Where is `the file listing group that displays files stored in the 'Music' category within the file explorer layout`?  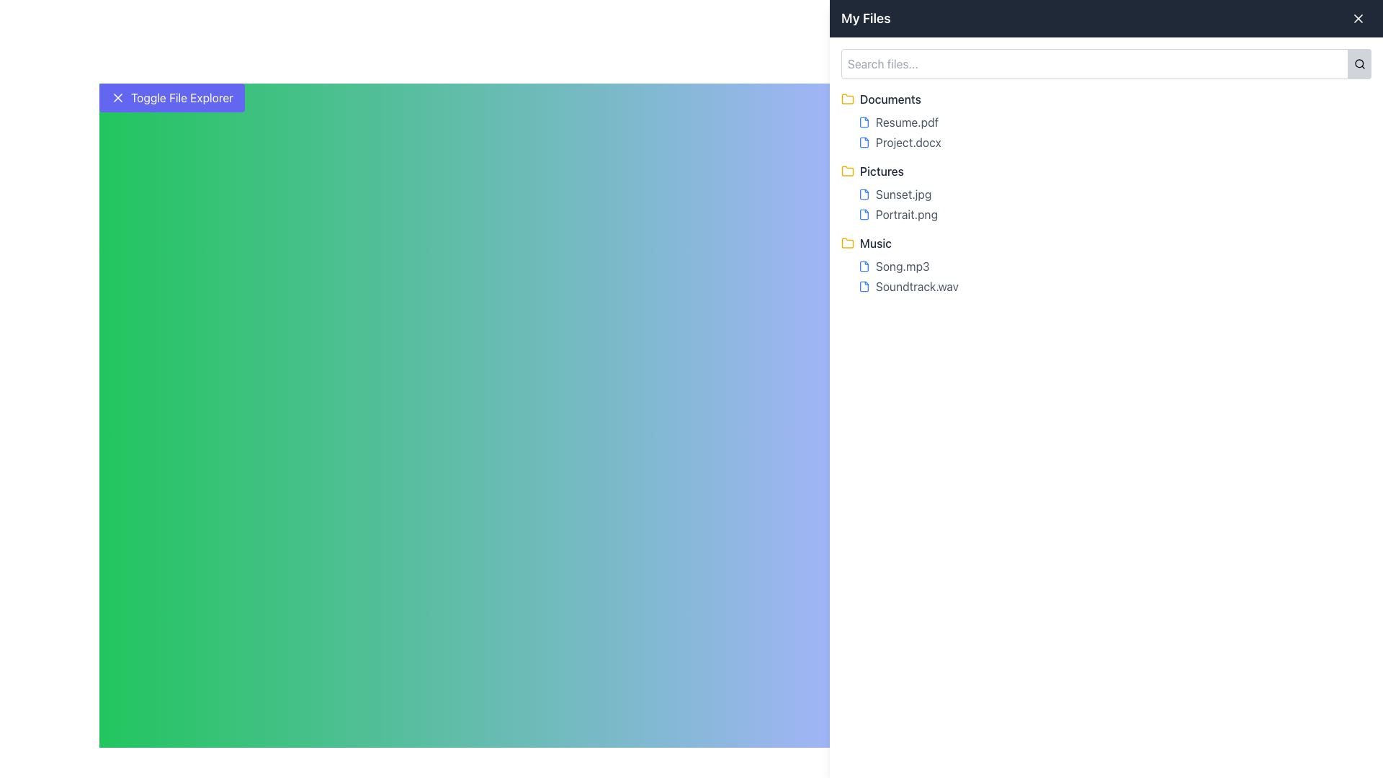 the file listing group that displays files stored in the 'Music' category within the file explorer layout is located at coordinates (1106, 264).